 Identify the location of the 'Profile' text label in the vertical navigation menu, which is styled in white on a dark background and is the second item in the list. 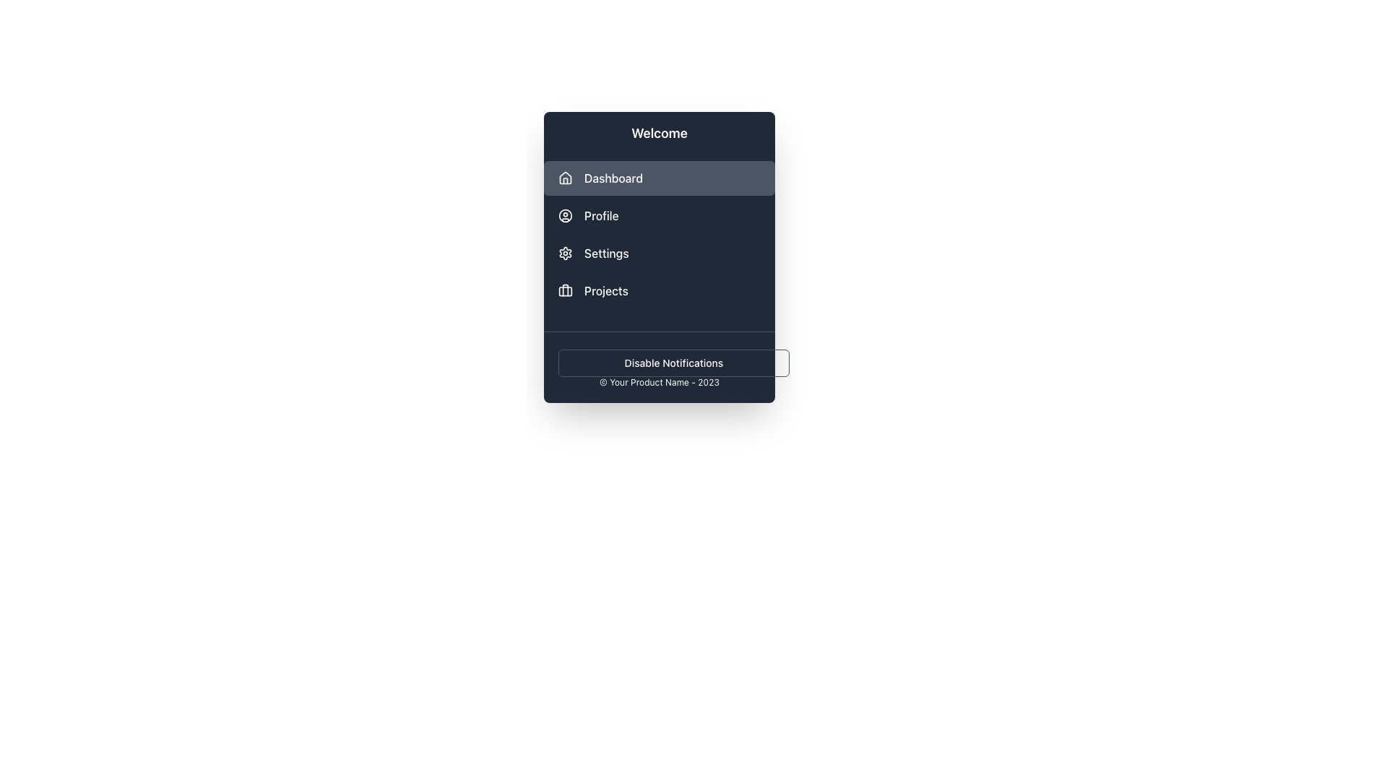
(601, 216).